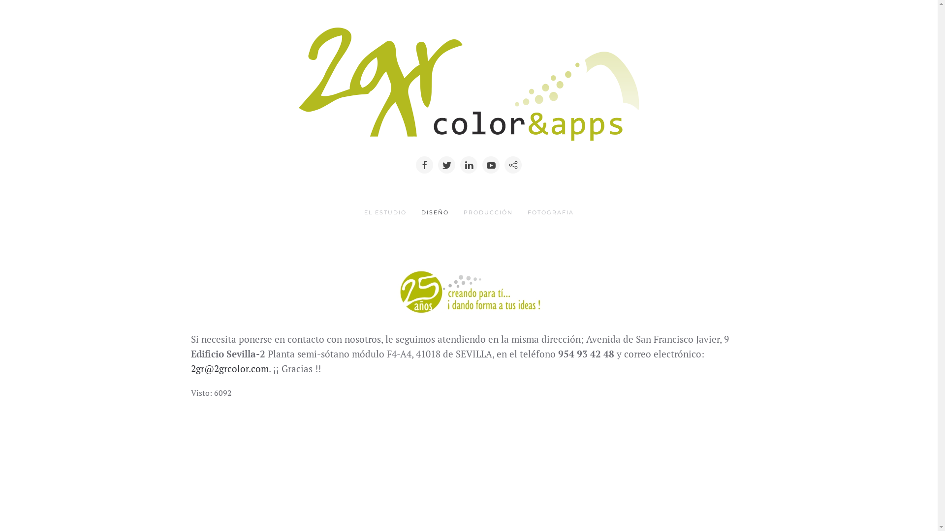 This screenshot has width=945, height=531. What do you see at coordinates (550, 212) in the screenshot?
I see `'FOTOGRAFIA'` at bounding box center [550, 212].